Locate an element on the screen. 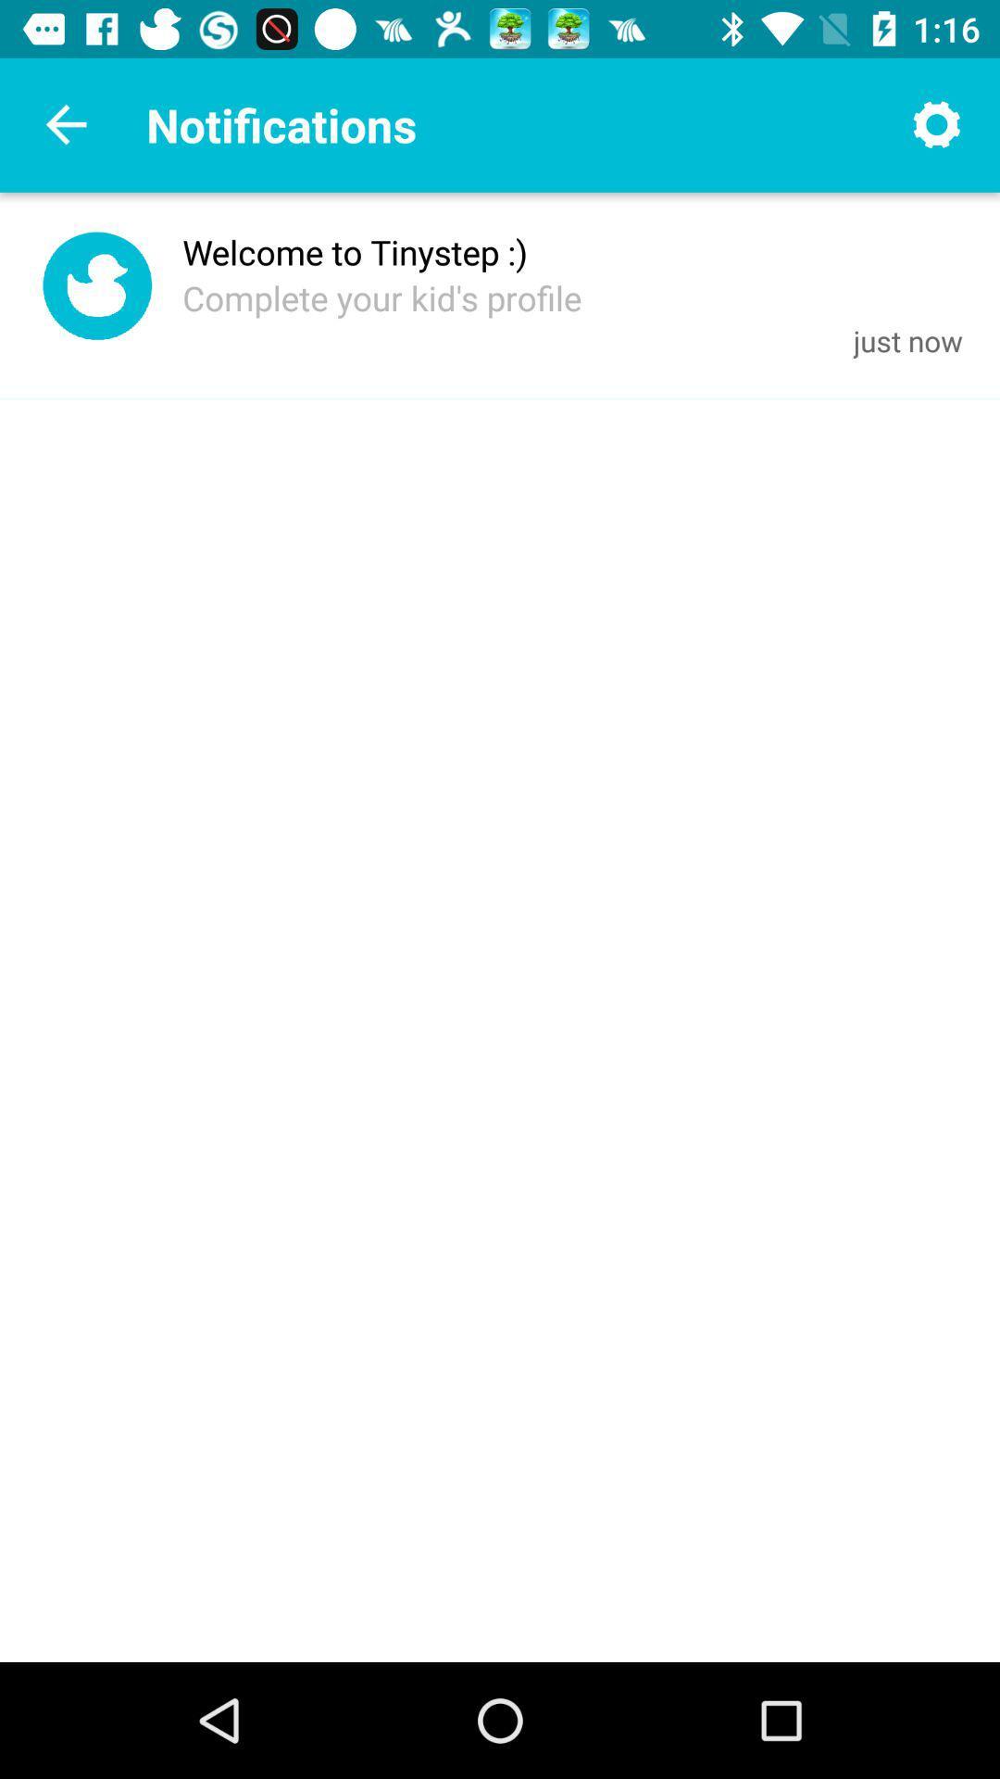  icon to the right of complete your kid is located at coordinates (906, 340).